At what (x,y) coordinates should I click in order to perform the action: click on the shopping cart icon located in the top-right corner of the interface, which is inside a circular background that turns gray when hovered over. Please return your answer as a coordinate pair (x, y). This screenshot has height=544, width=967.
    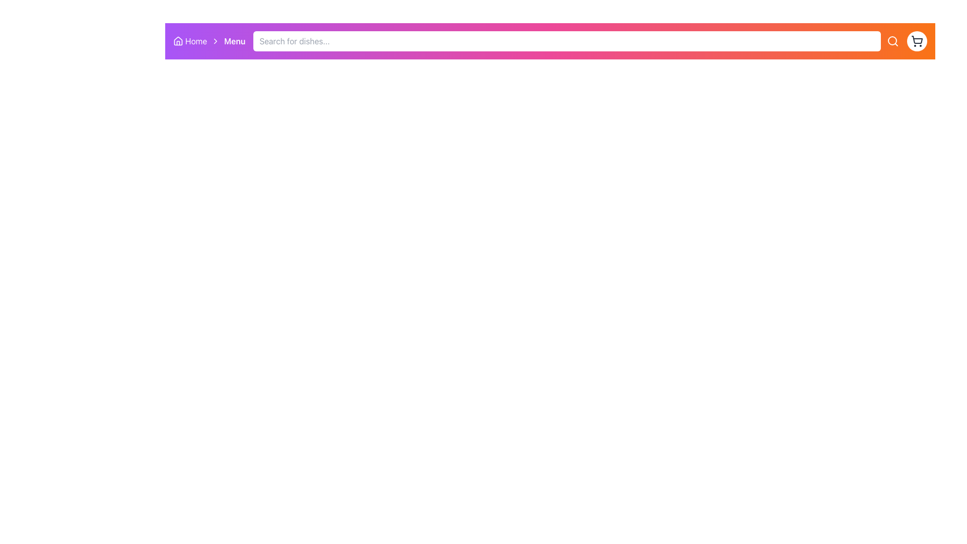
    Looking at the image, I should click on (917, 40).